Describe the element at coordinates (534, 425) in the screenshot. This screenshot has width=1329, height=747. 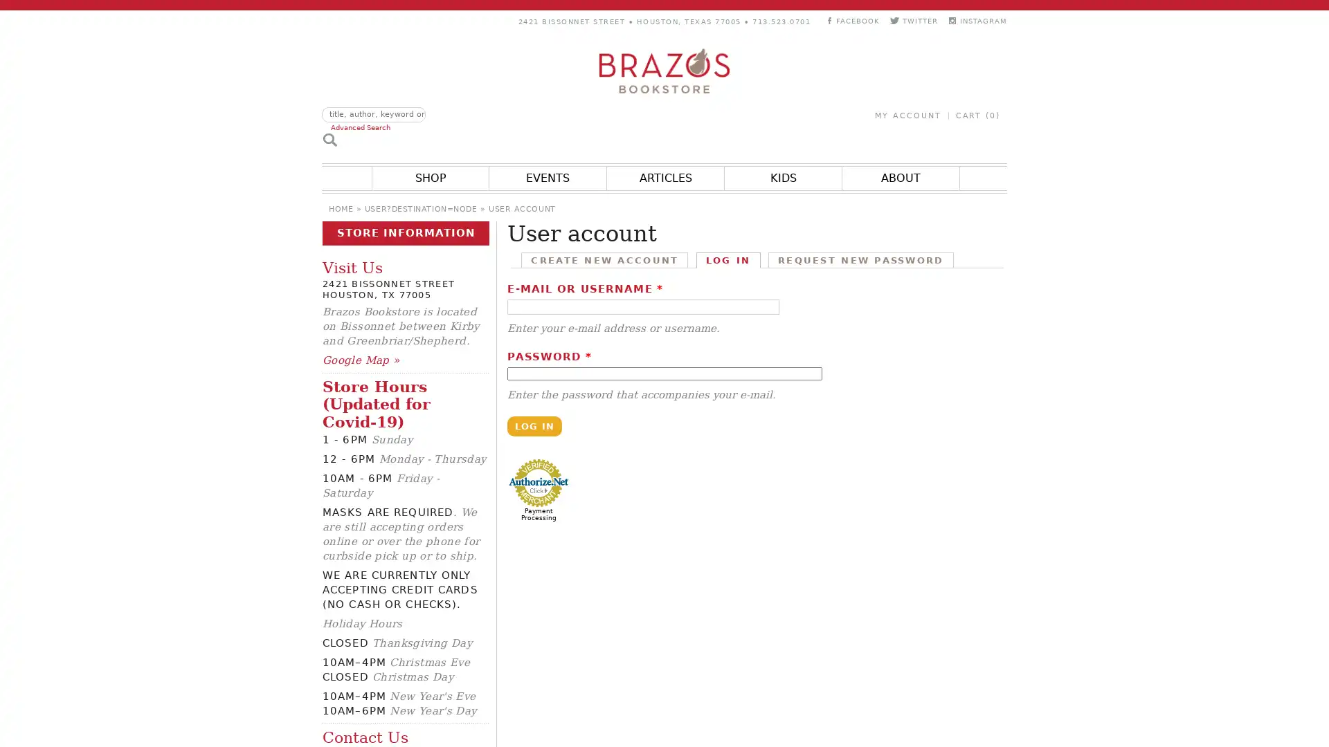
I see `Log in` at that location.